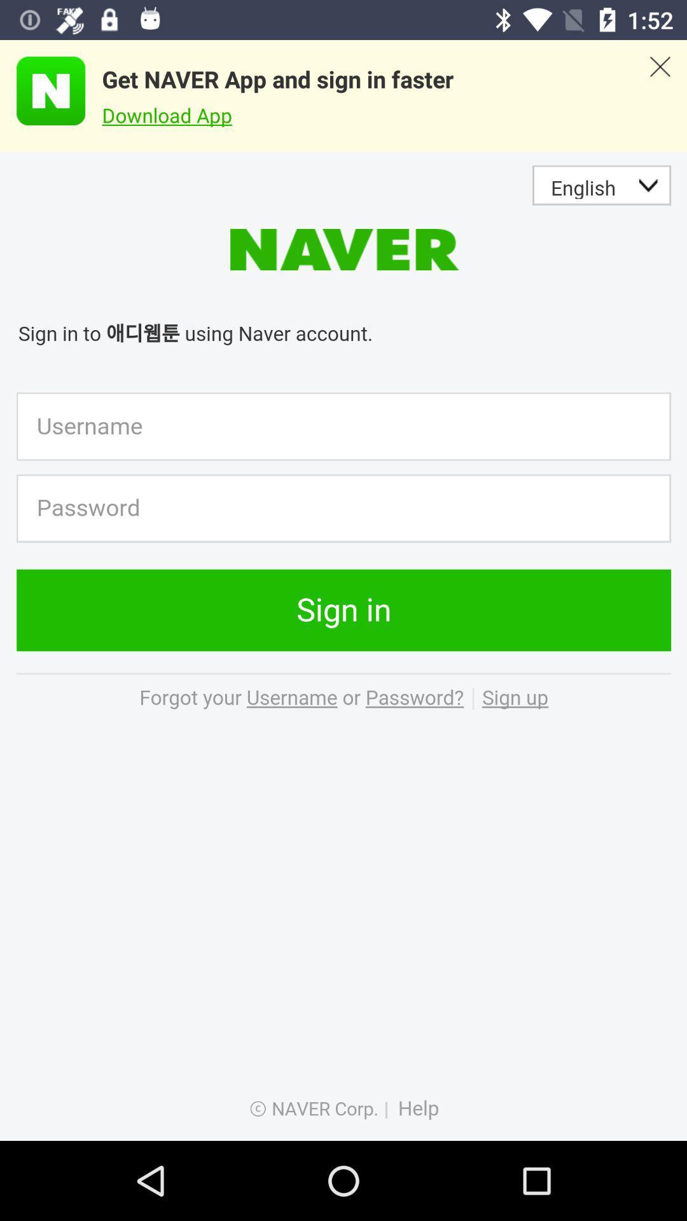 The width and height of the screenshot is (687, 1221). Describe the element at coordinates (659, 95) in the screenshot. I see `banner notification` at that location.